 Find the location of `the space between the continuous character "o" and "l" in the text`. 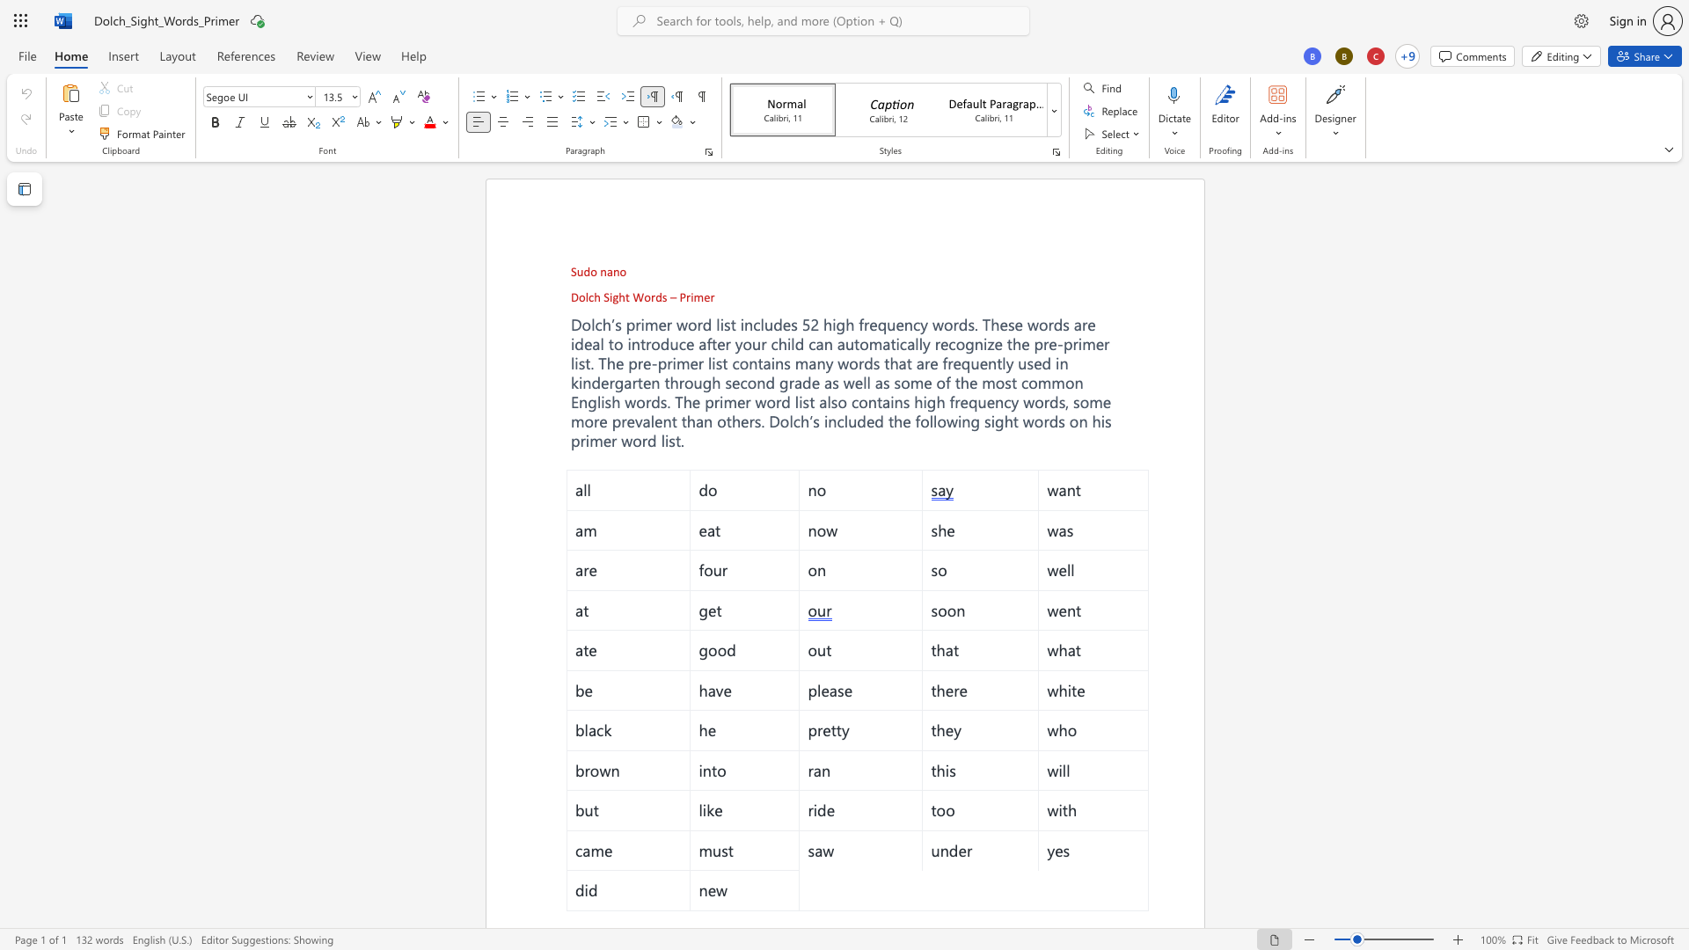

the space between the continuous character "o" and "l" in the text is located at coordinates (584, 296).